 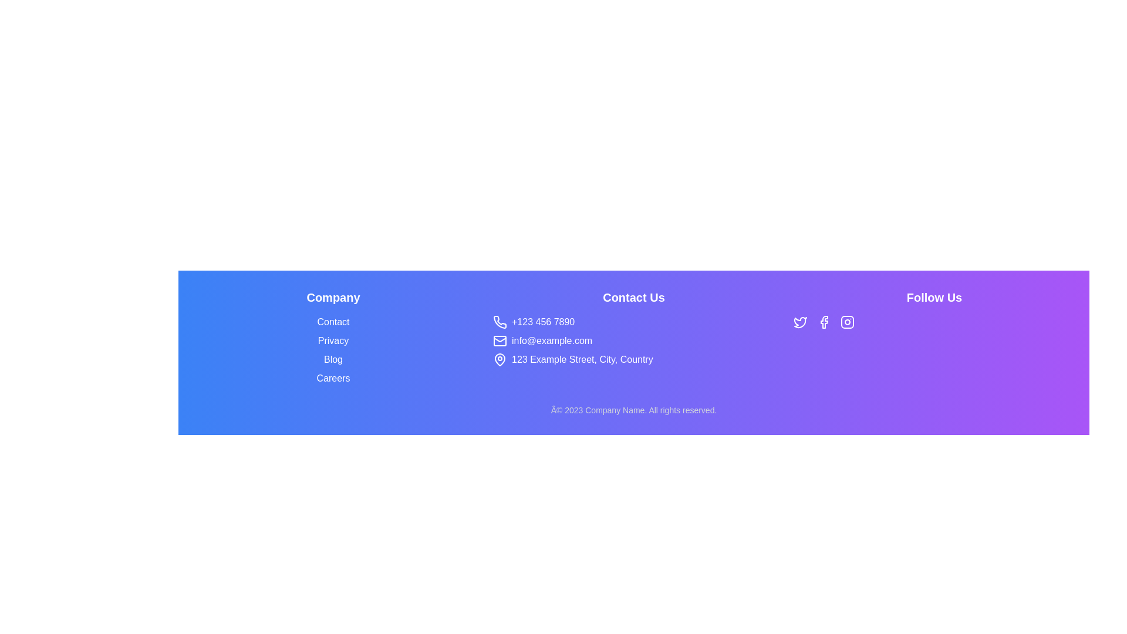 I want to click on the Static Text element displaying the phone number located in the 'Contact Us' section of the footer, positioned to the right of the phone icon, so click(x=542, y=322).